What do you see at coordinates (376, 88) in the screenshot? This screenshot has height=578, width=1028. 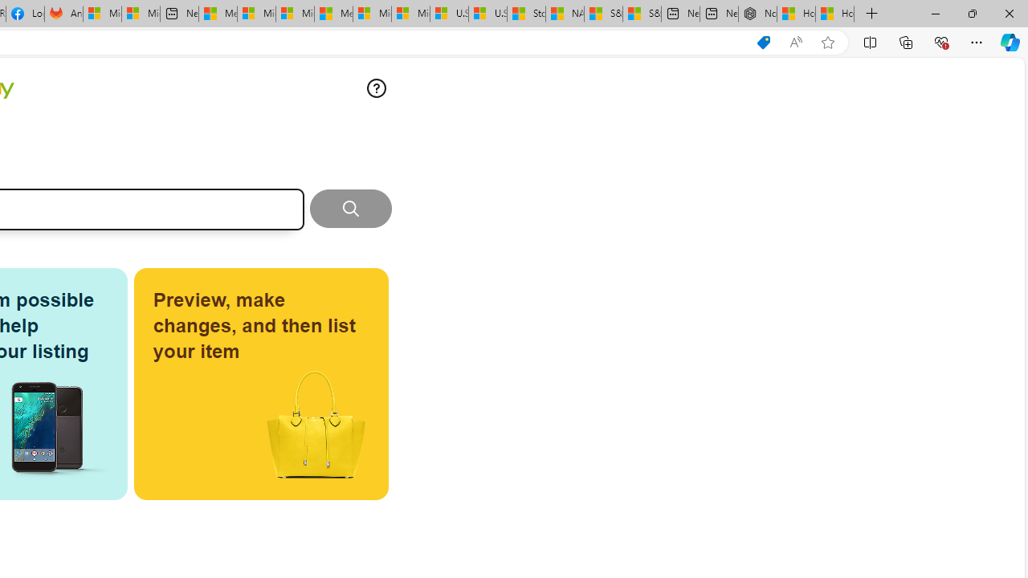 I see `'Comment about your experience on this page.'` at bounding box center [376, 88].